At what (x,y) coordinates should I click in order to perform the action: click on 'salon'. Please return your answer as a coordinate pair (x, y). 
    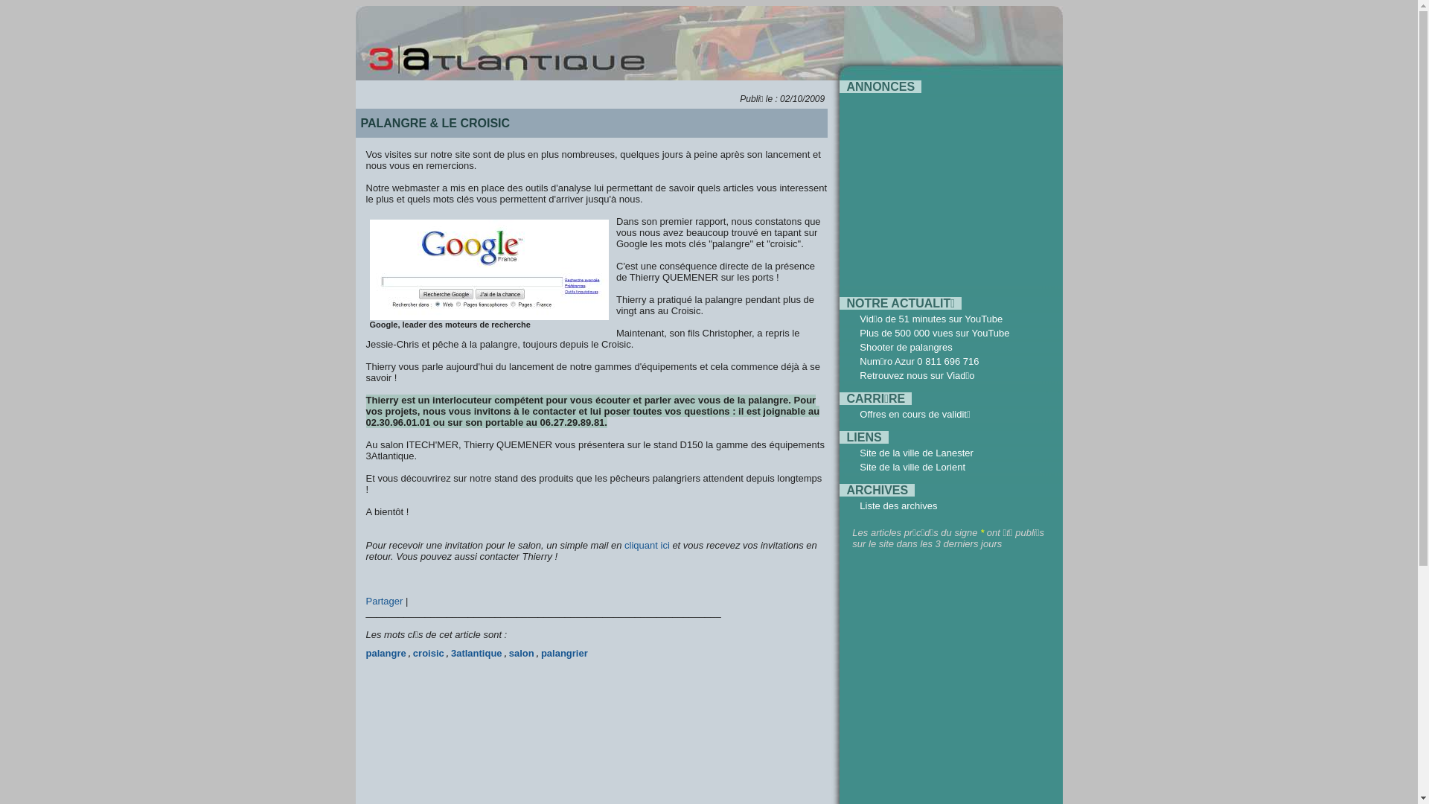
    Looking at the image, I should click on (521, 652).